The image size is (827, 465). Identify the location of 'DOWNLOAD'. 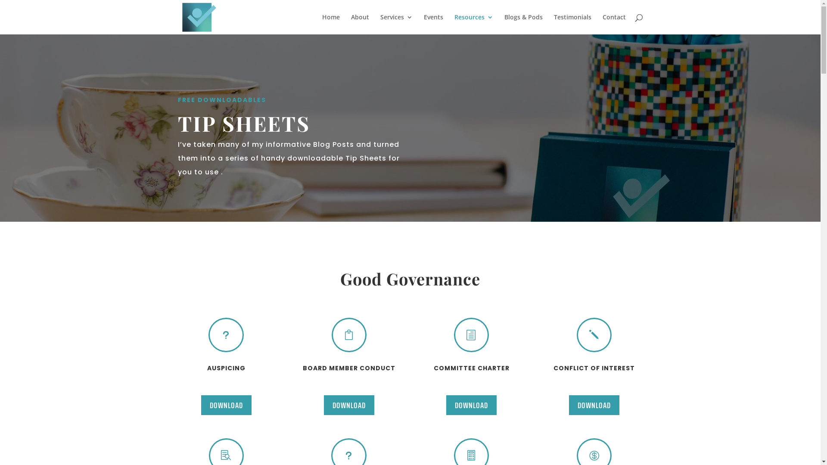
(226, 405).